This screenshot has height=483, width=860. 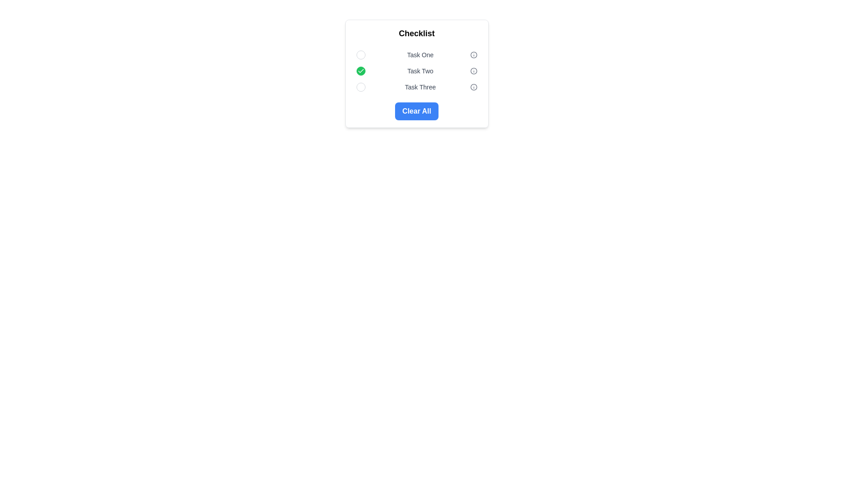 What do you see at coordinates (473, 87) in the screenshot?
I see `the information icon, which is a circular outline with an inner 'i' symbol, located to the right of 'Task Three' in the checklist` at bounding box center [473, 87].